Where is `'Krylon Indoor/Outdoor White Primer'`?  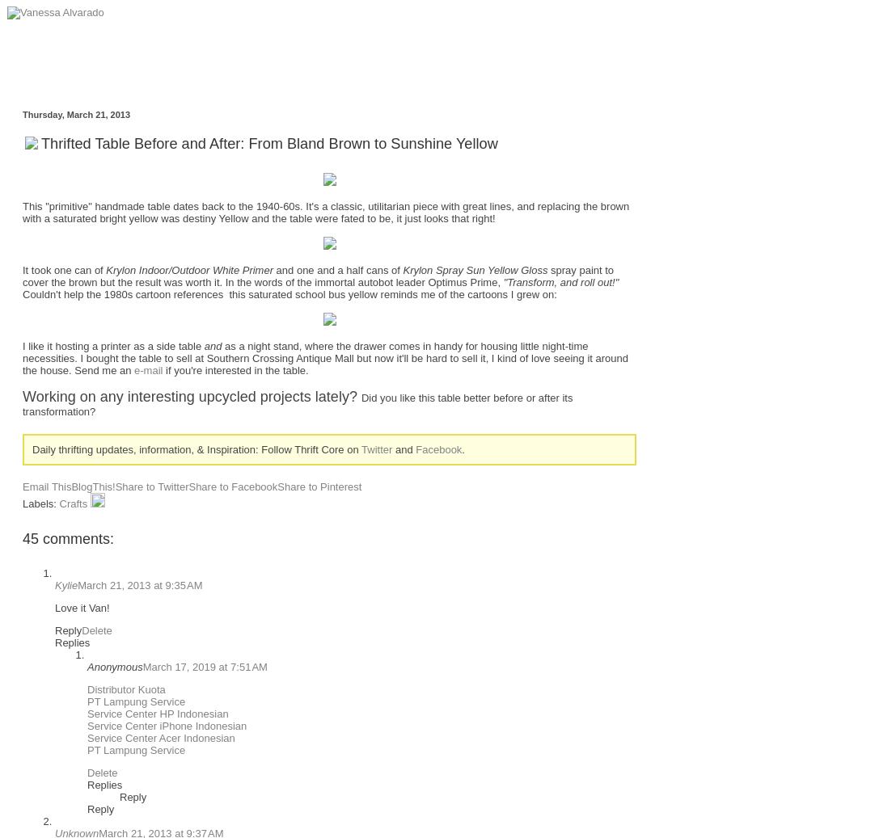
'Krylon Indoor/Outdoor White Primer' is located at coordinates (188, 268).